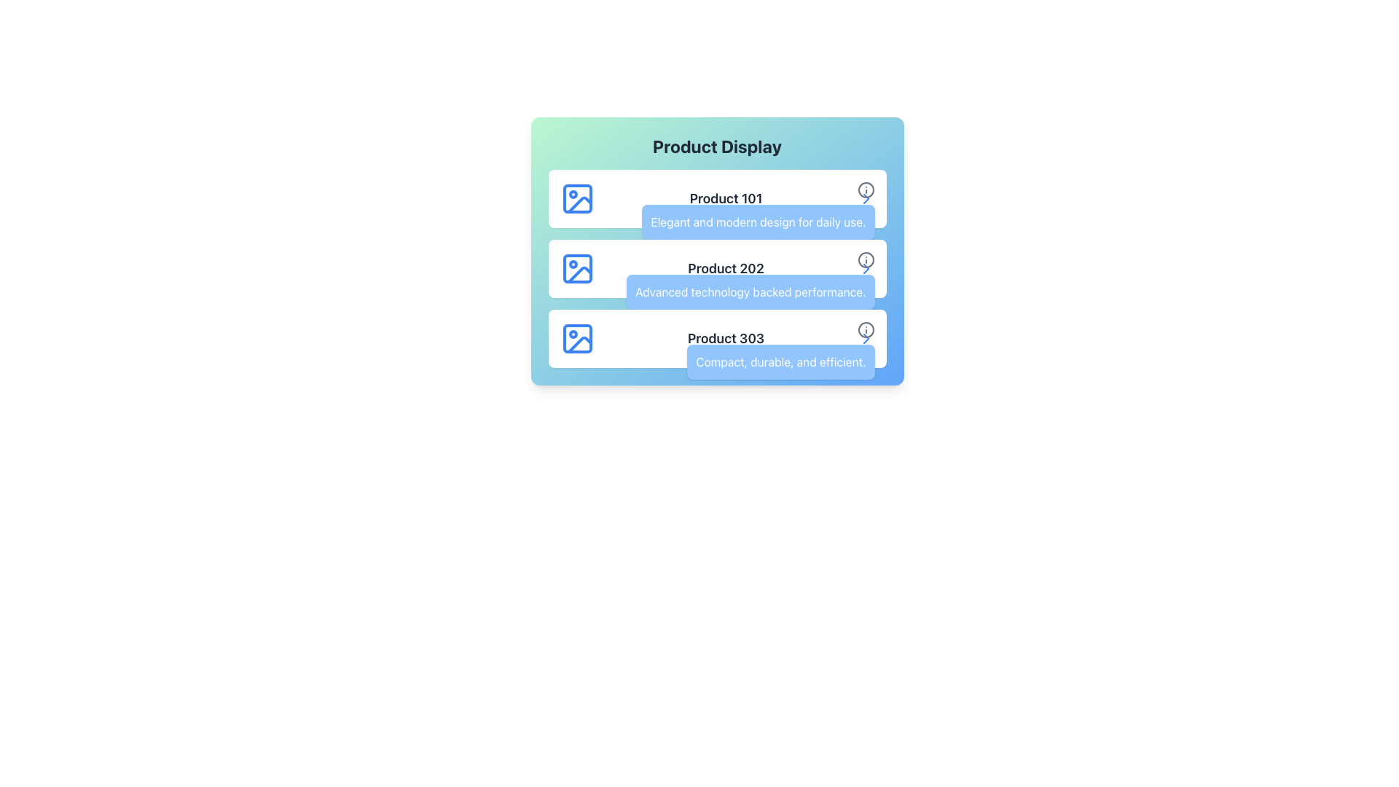  I want to click on the right-facing chevron arrow icon with a blue color located in the right section of the card for 'Product 202', so click(866, 269).